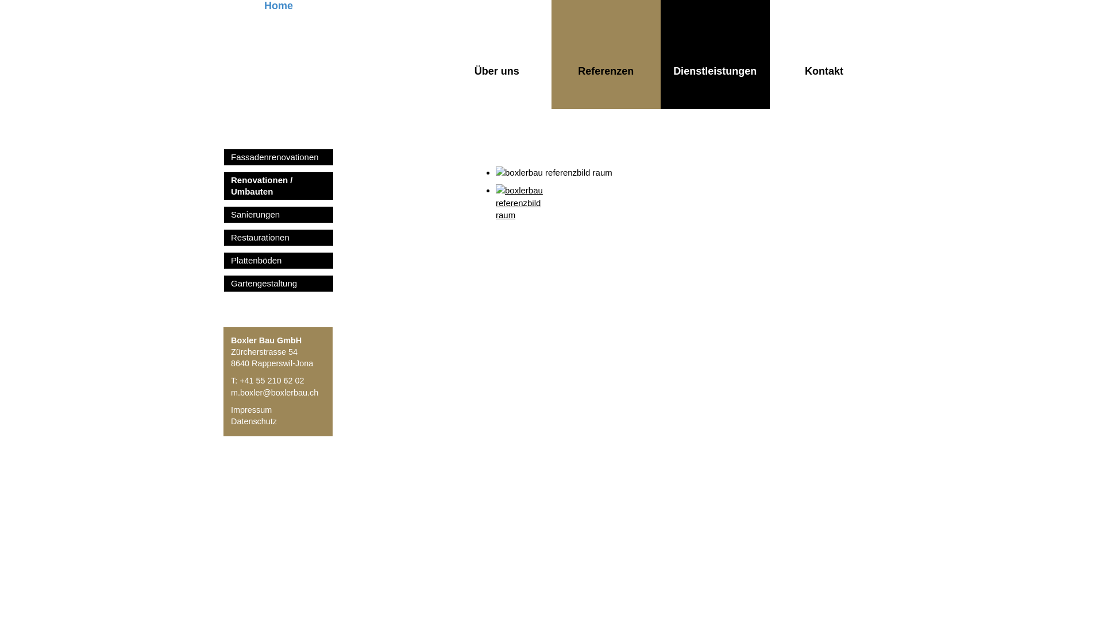  What do you see at coordinates (223, 55) in the screenshot?
I see `'Home'` at bounding box center [223, 55].